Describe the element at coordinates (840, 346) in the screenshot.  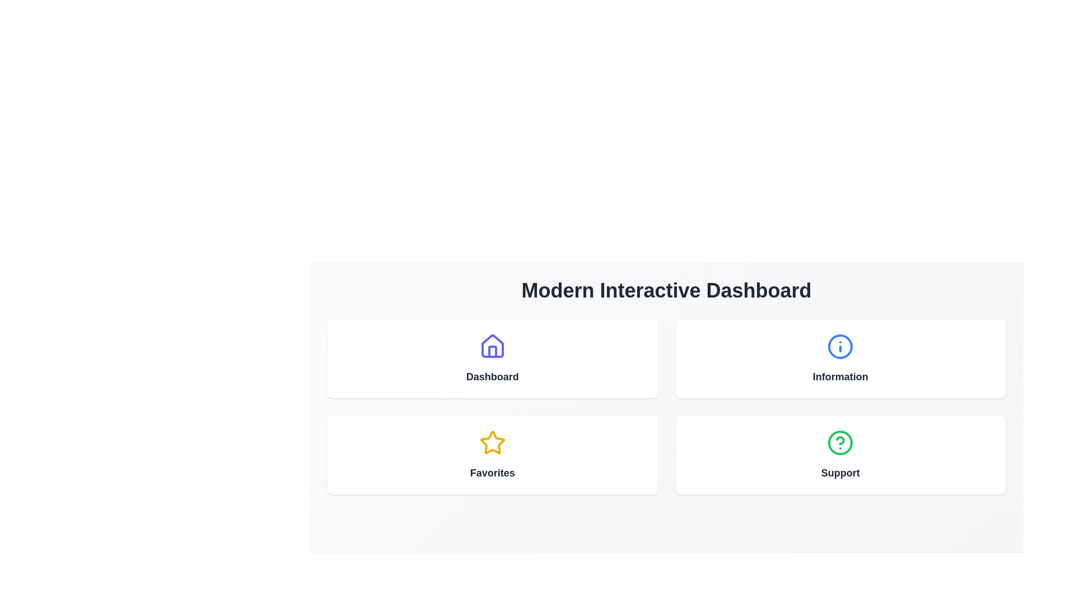
I see `the 'Information' icon, which serves as a visual indicator for details and instructions related to the dashboard functionality, located in the top-right quadrant of the interface` at that location.